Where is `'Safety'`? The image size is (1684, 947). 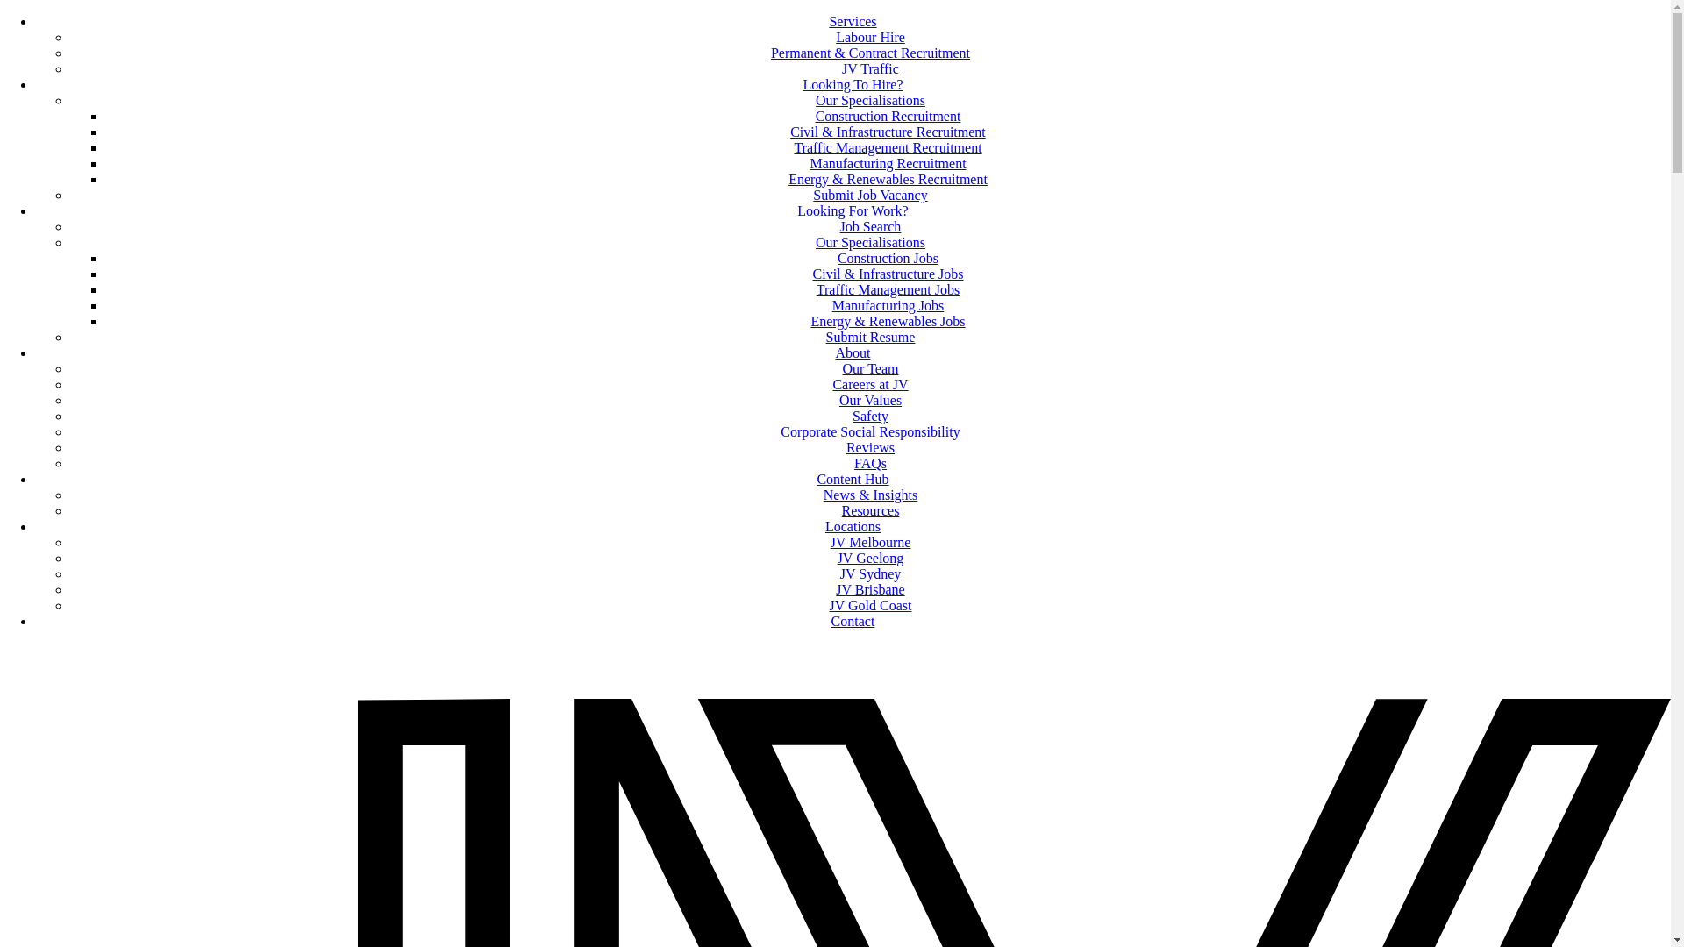 'Safety' is located at coordinates (852, 416).